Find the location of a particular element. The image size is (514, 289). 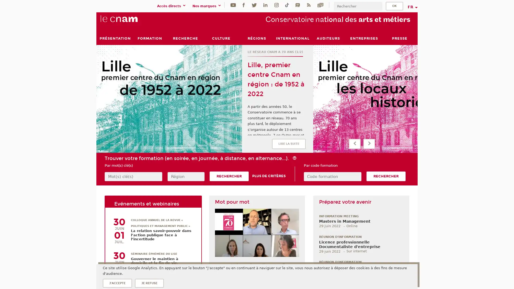

RECHERCHER is located at coordinates (386, 176).